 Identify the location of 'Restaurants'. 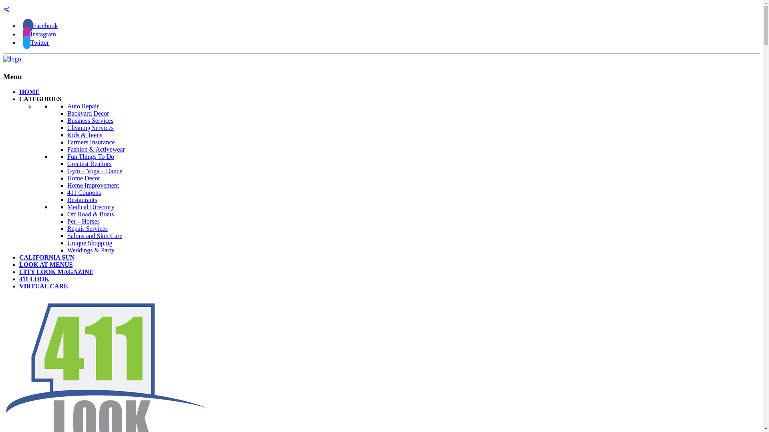
(82, 199).